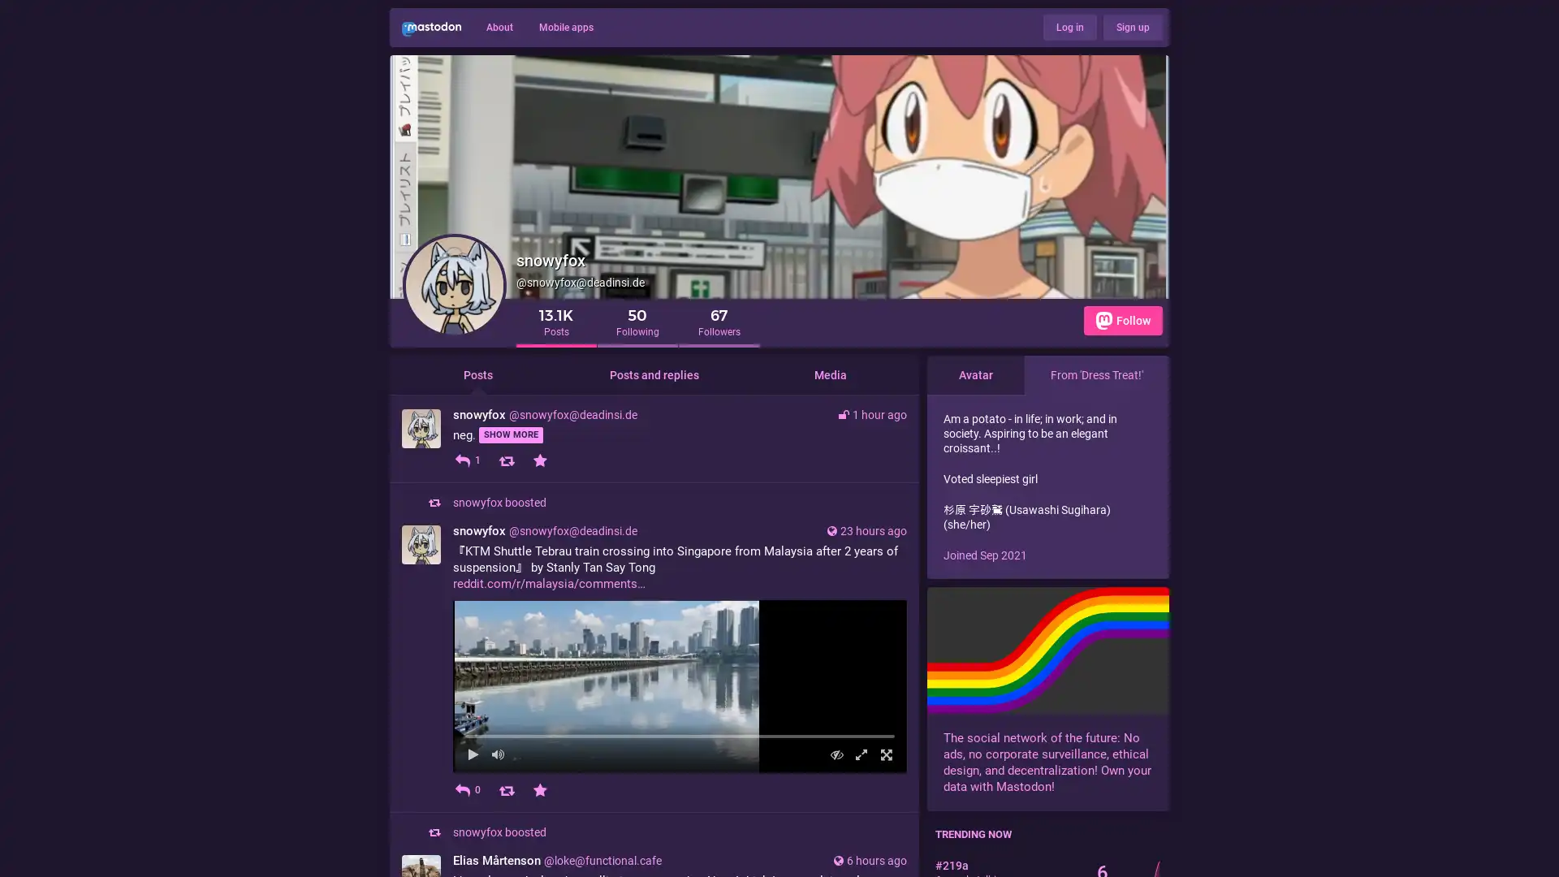 The height and width of the screenshot is (877, 1559). Describe the element at coordinates (510, 434) in the screenshot. I see `SHOW MORE` at that location.